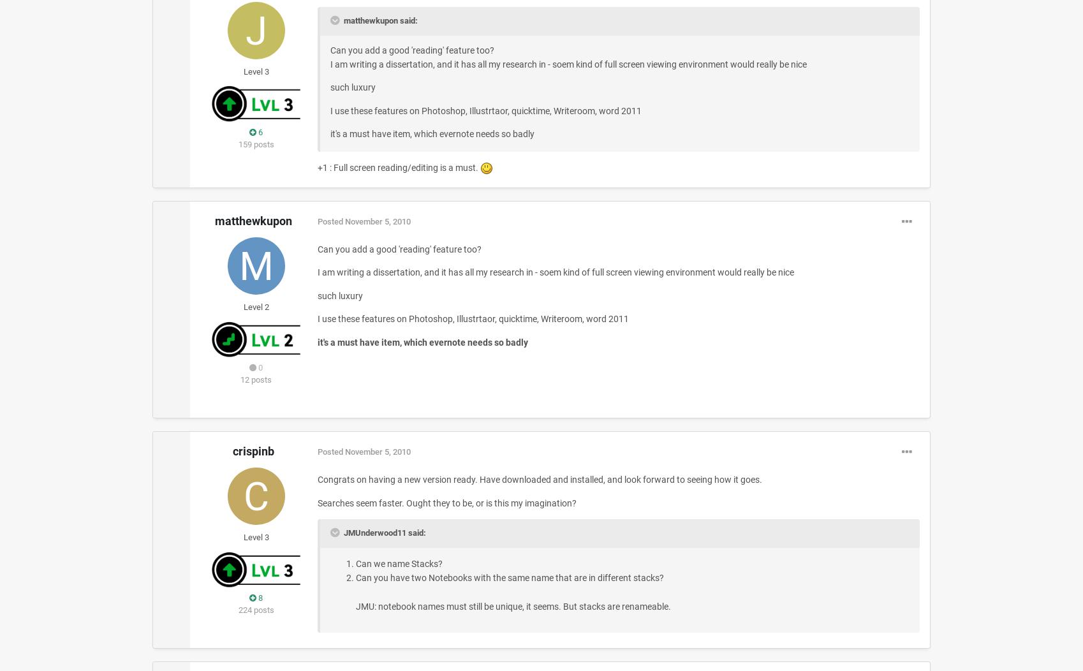  I want to click on 'Can we name Stacks?', so click(355, 563).